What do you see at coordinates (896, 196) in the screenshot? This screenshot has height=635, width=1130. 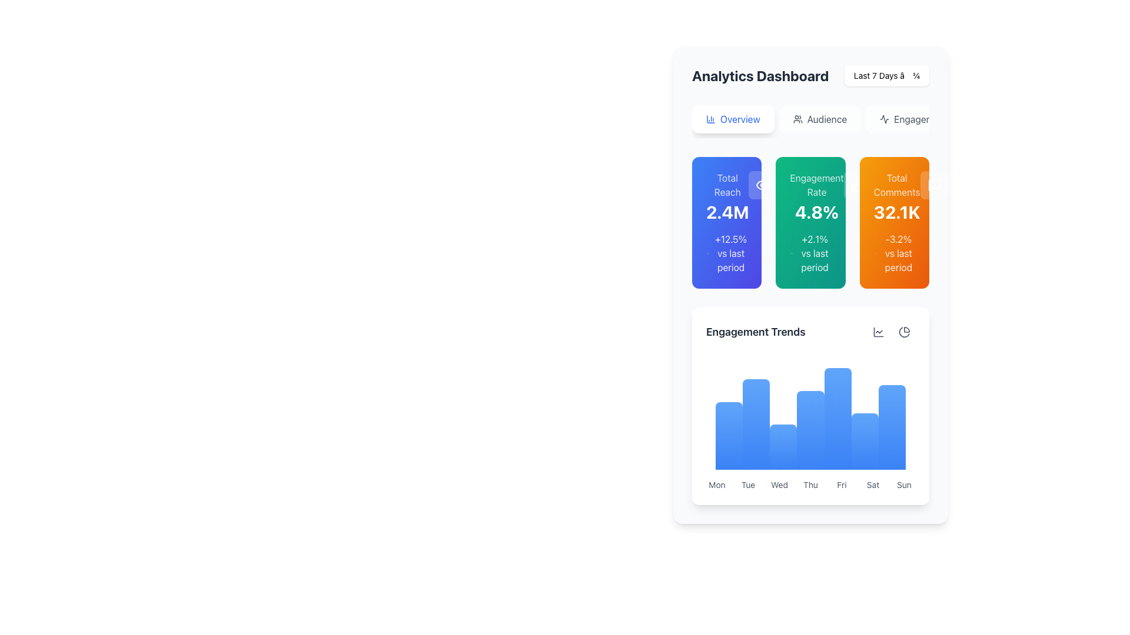 I see `the Info card displaying 'Total Comments' with the numeric value '32.1K' in the top-right corner of the layout` at bounding box center [896, 196].